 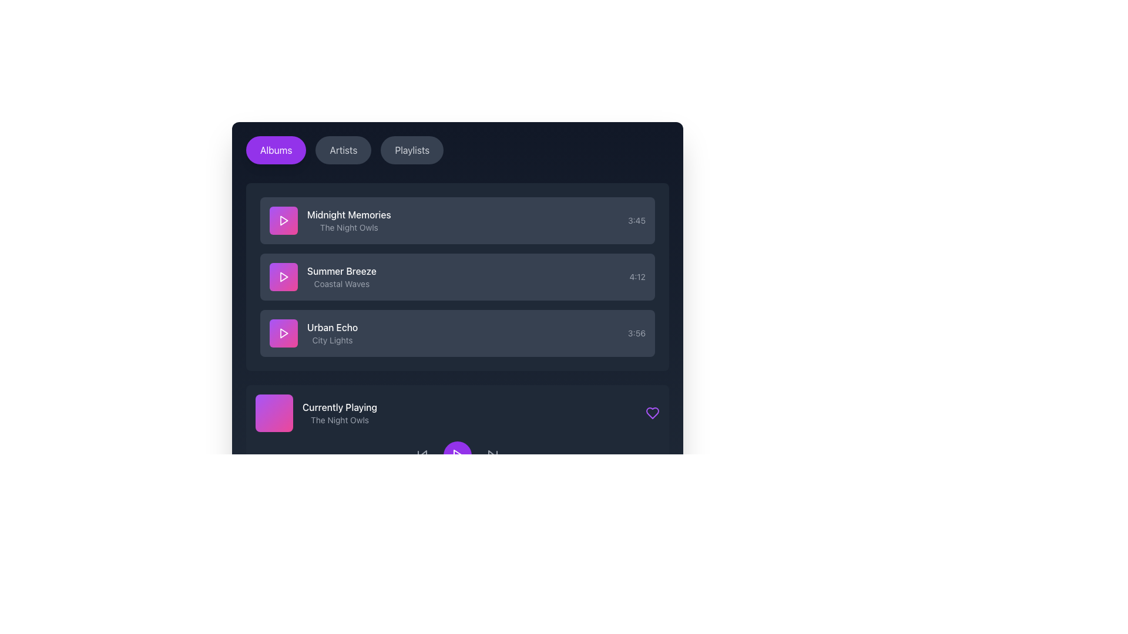 I want to click on the play button located at the bottom center of the interface to observe hover effects, so click(x=456, y=454).